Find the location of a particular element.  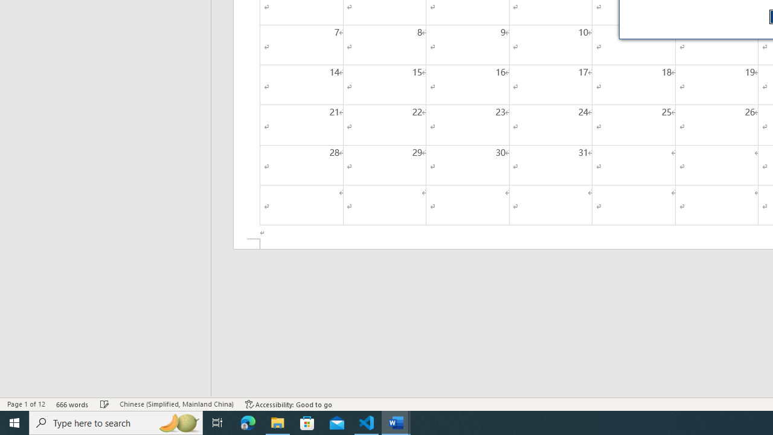

'Microsoft Store' is located at coordinates (307, 422).